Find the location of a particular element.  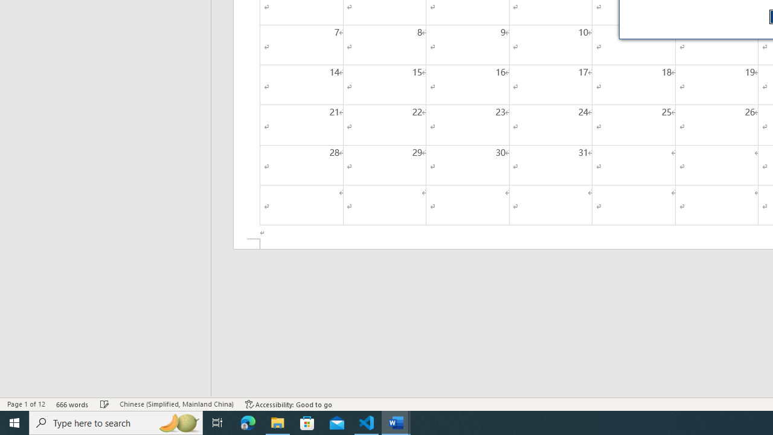

'Microsoft Store' is located at coordinates (307, 422).